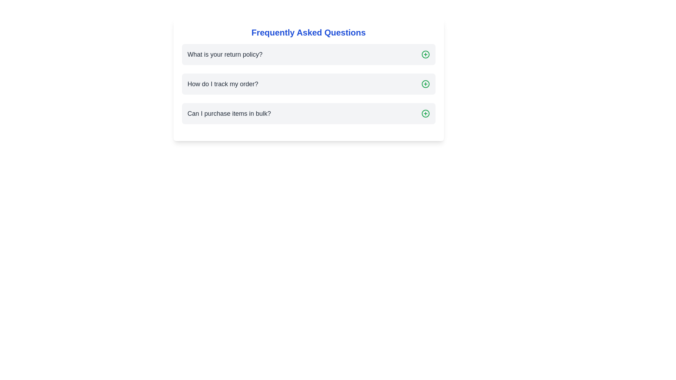  Describe the element at coordinates (425, 113) in the screenshot. I see `the button at the rightmost end of the third row in the FAQ section that expands the content for the question 'Can I purchase items in bulk?'` at that location.